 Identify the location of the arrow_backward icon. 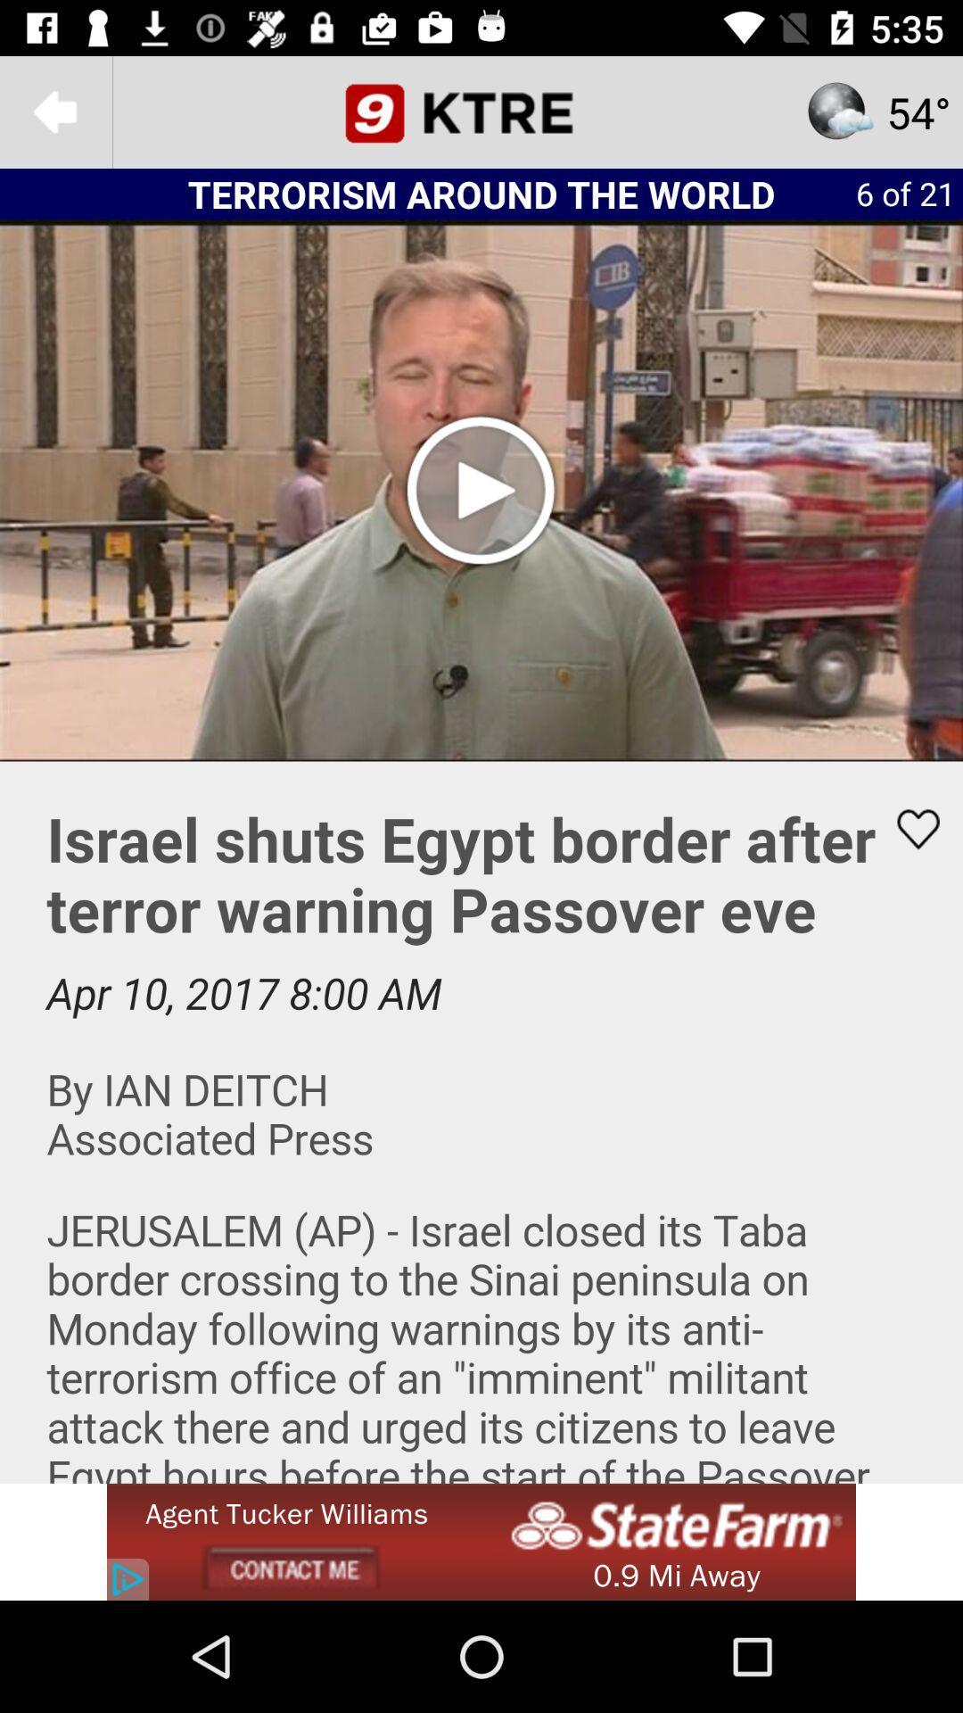
(54, 111).